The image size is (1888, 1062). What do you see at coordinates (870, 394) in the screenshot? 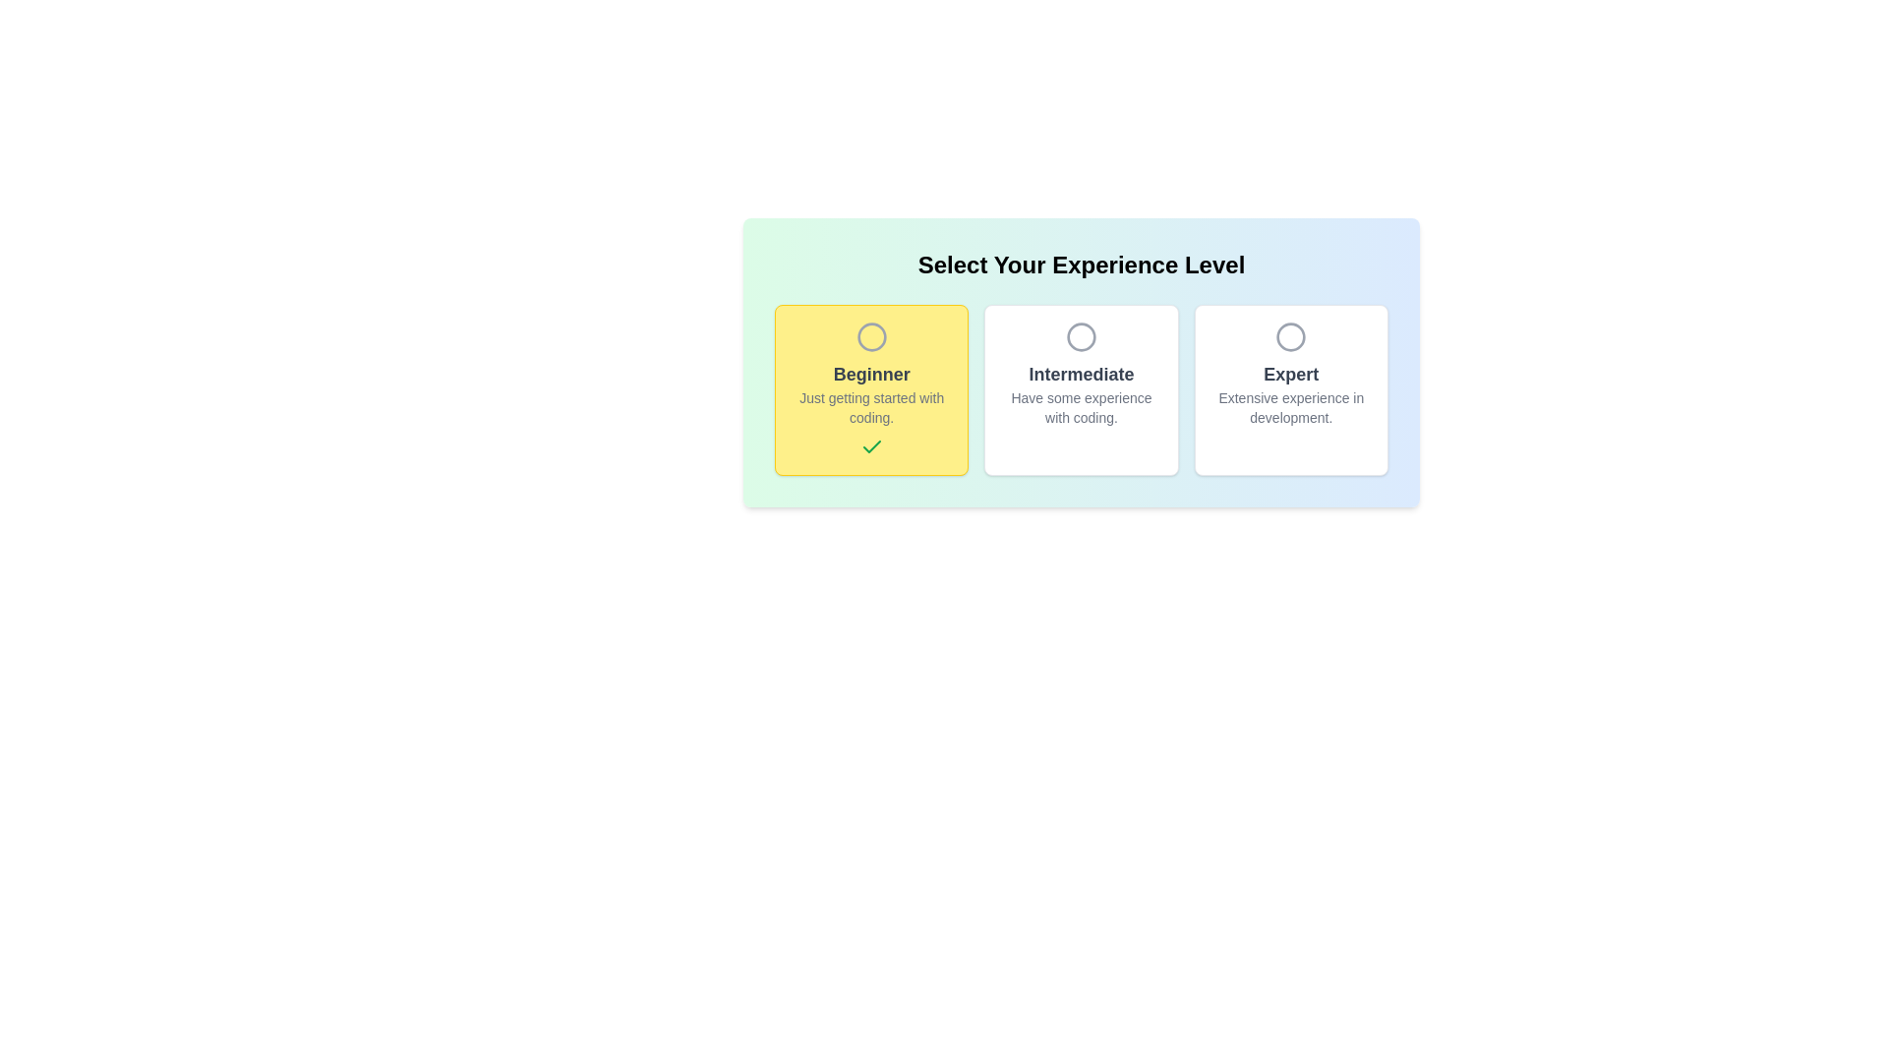
I see `the 'Beginner' text display which features a bold heading and smaller text within a yellow background box` at bounding box center [870, 394].